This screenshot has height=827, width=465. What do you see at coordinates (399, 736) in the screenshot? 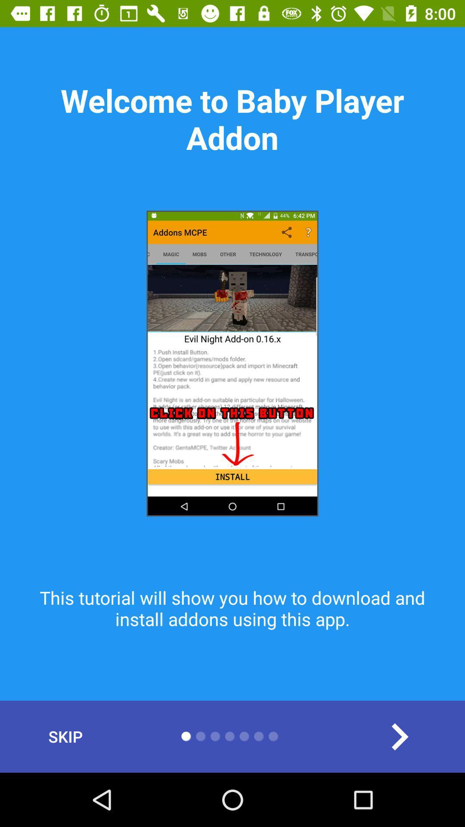
I see `the item at the bottom right corner` at bounding box center [399, 736].